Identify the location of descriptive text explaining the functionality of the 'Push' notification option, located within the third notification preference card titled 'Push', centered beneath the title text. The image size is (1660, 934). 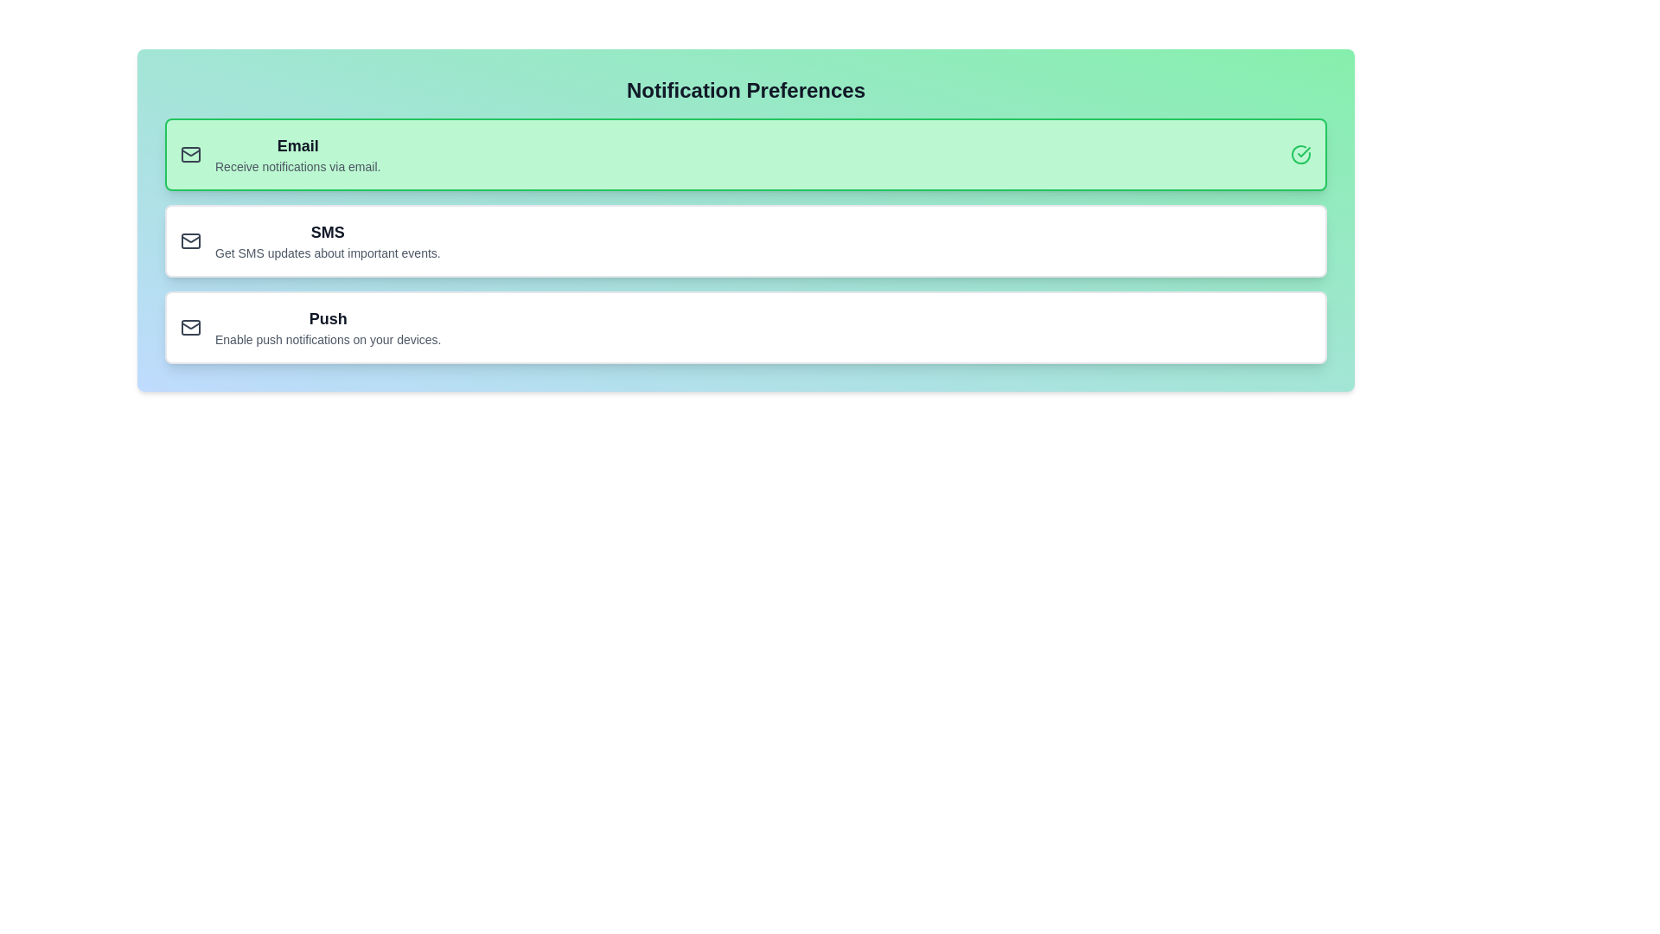
(328, 340).